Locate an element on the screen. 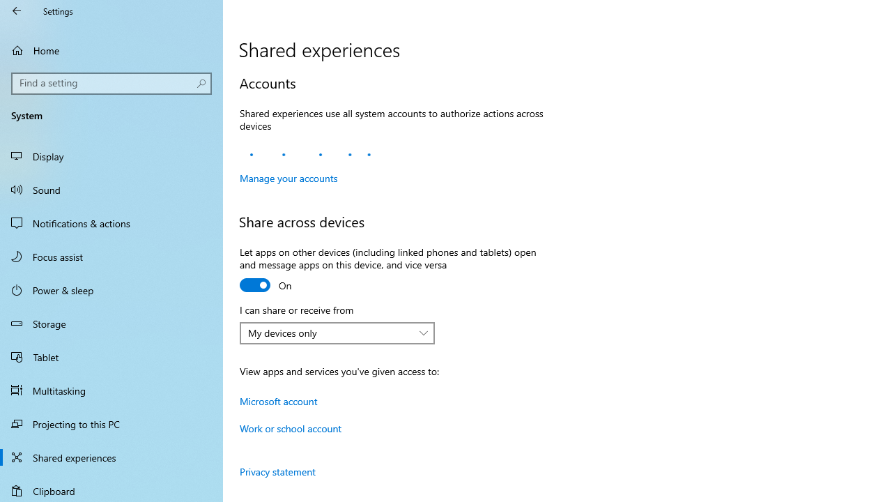 The height and width of the screenshot is (502, 892). 'Home' is located at coordinates (111, 50).